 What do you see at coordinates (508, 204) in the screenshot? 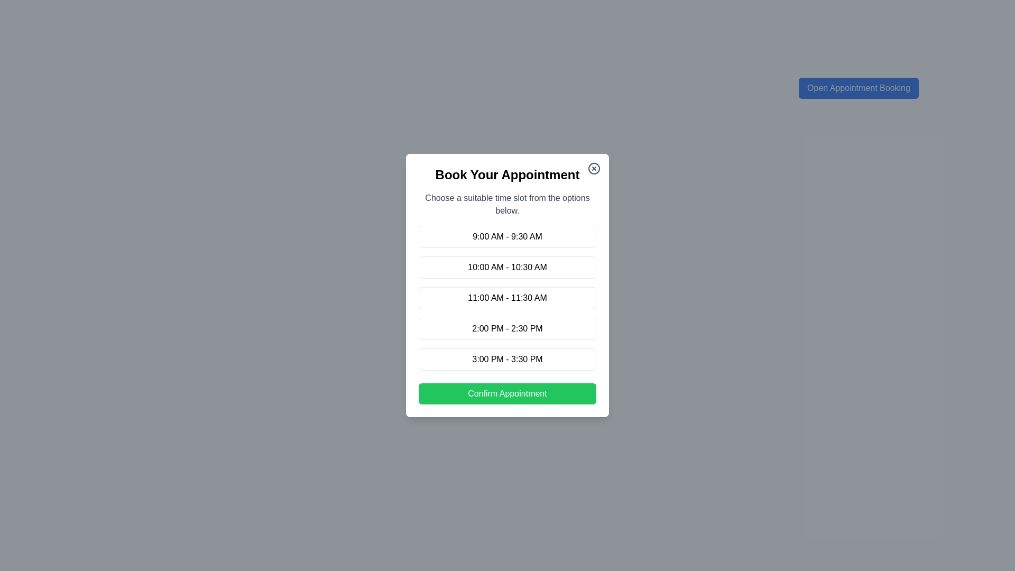
I see `instructional text block that says 'Choose a suitable time slot from the options below.' located below the title 'Book Your Appointment' and above the first time slot option '9:00 AM - 9:30 AM'` at bounding box center [508, 204].